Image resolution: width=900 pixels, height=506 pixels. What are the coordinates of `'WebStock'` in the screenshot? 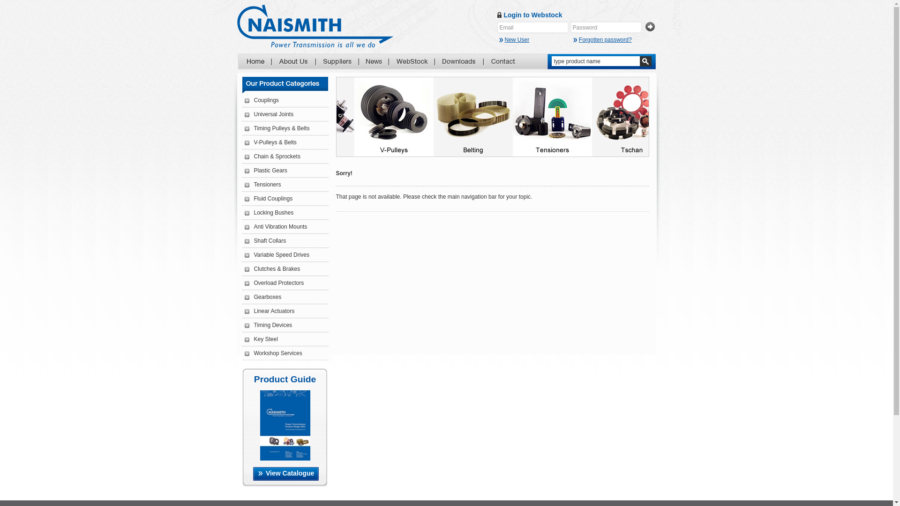 It's located at (396, 61).